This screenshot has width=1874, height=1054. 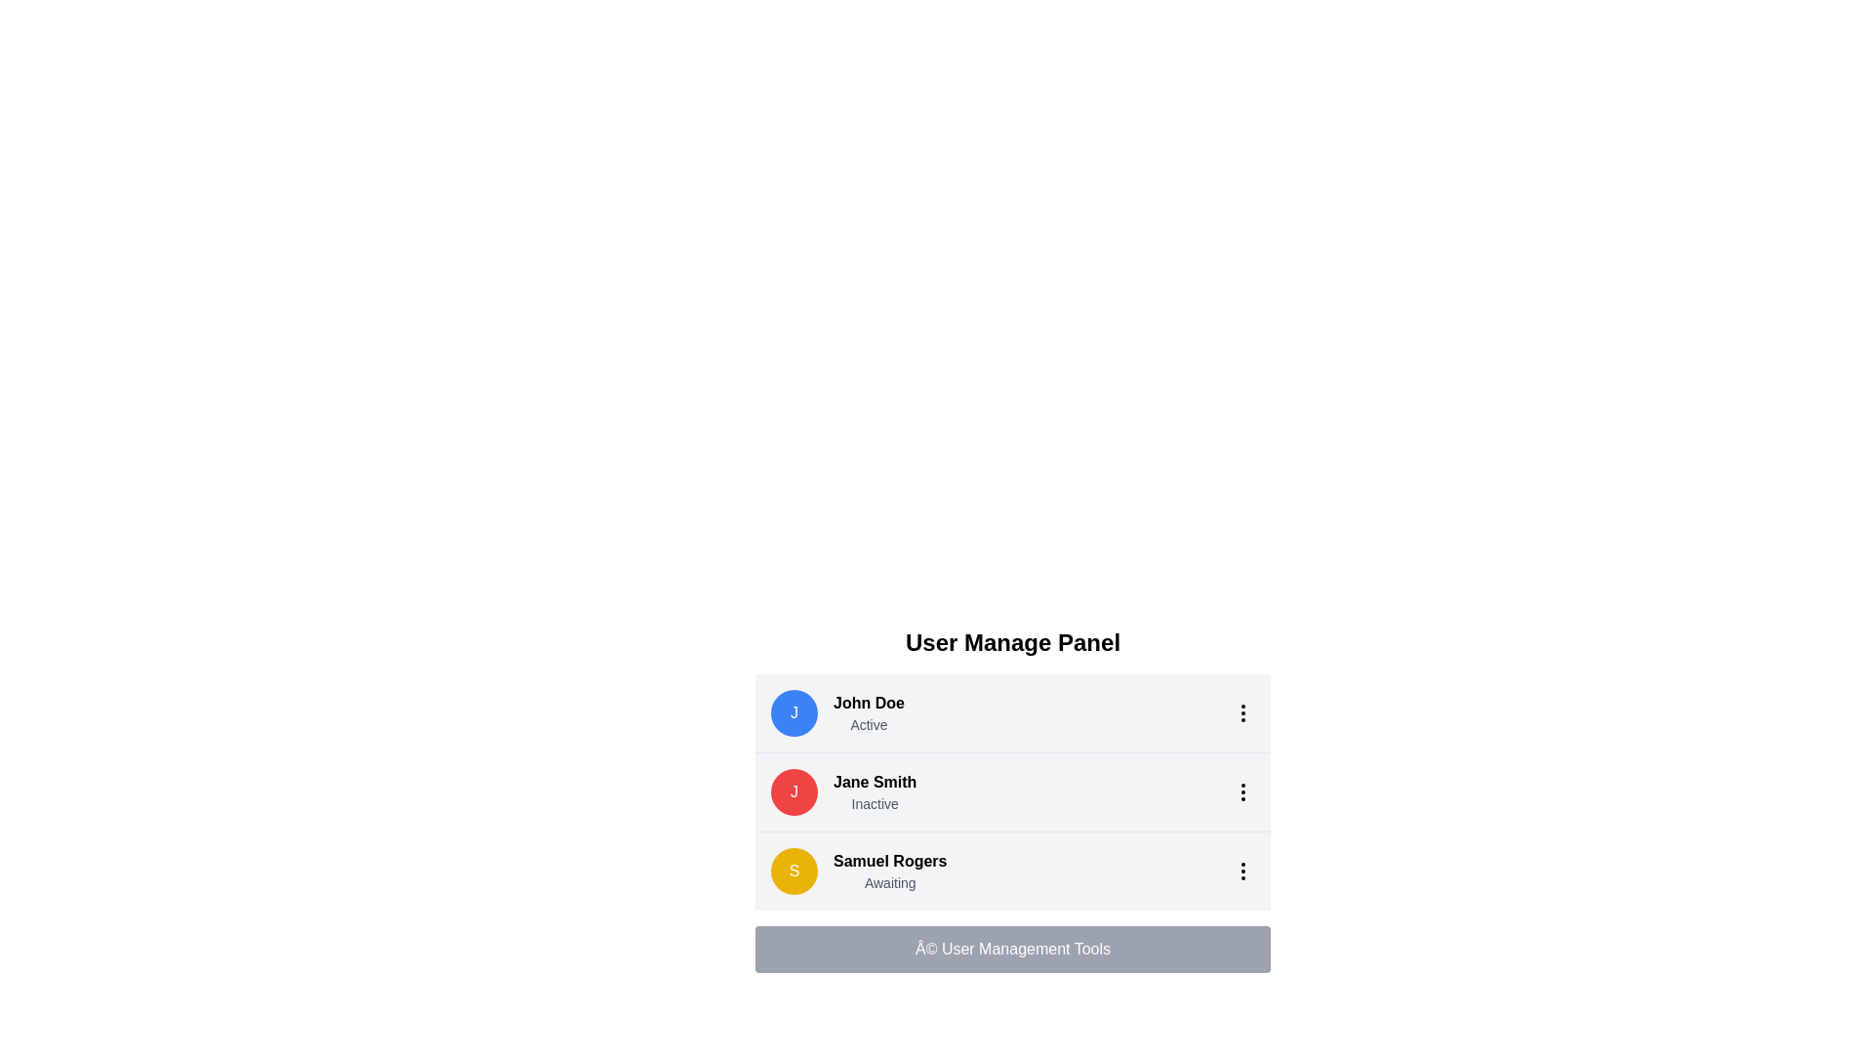 What do you see at coordinates (794, 871) in the screenshot?
I see `the avatar representing user 'Samuel Rogers' located in the third row of the user card list` at bounding box center [794, 871].